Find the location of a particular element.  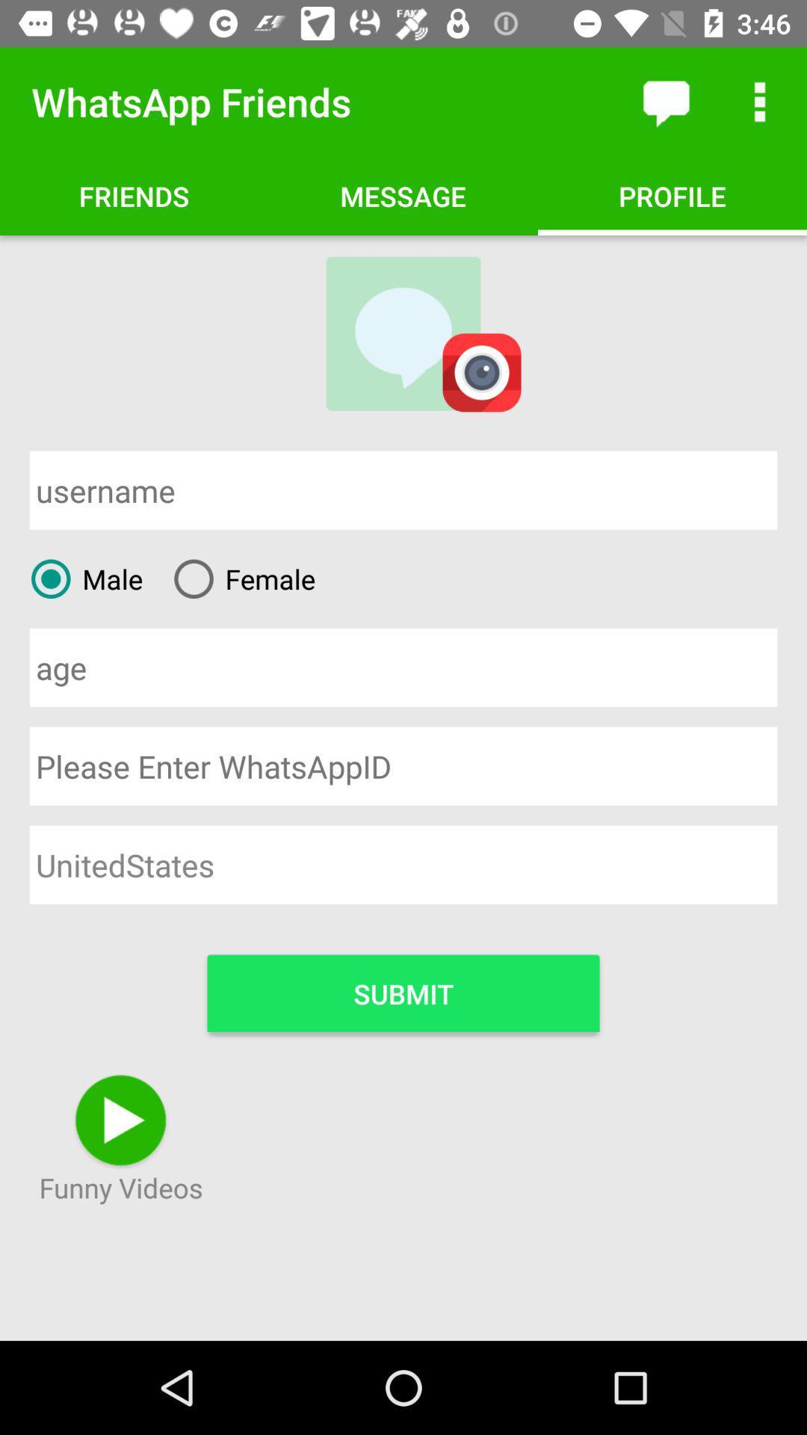

the icon above profile item is located at coordinates (665, 101).